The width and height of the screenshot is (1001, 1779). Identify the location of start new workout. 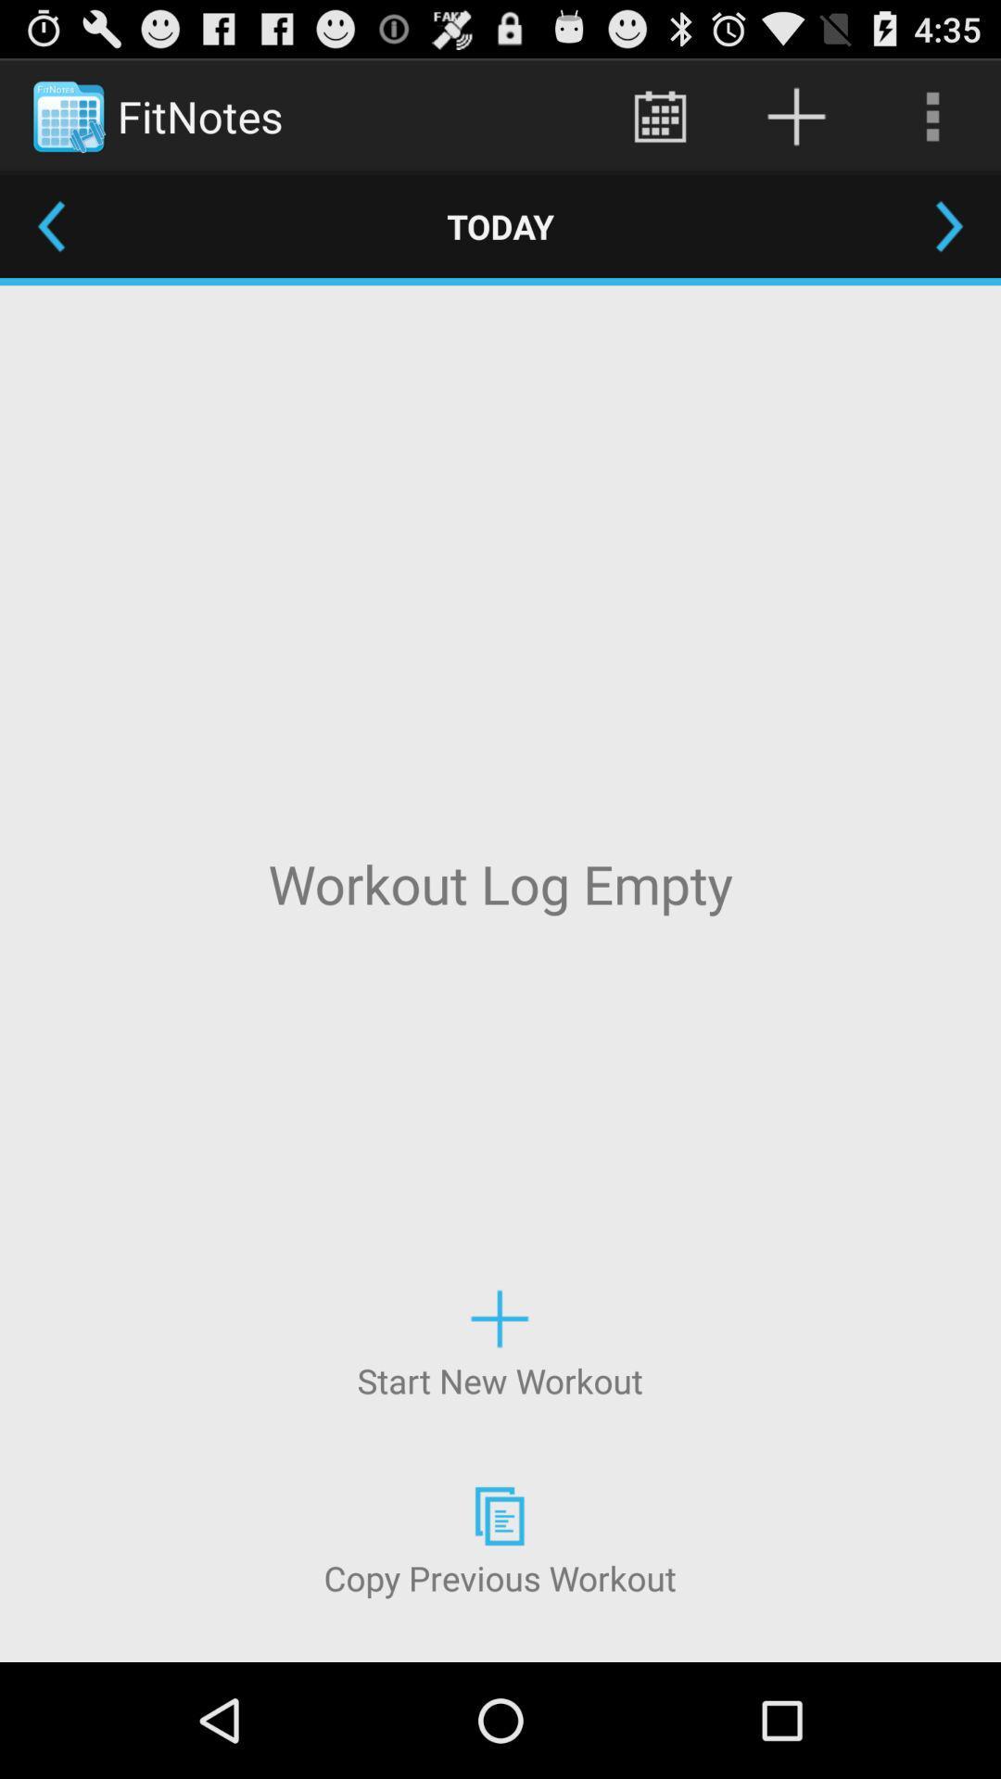
(499, 1342).